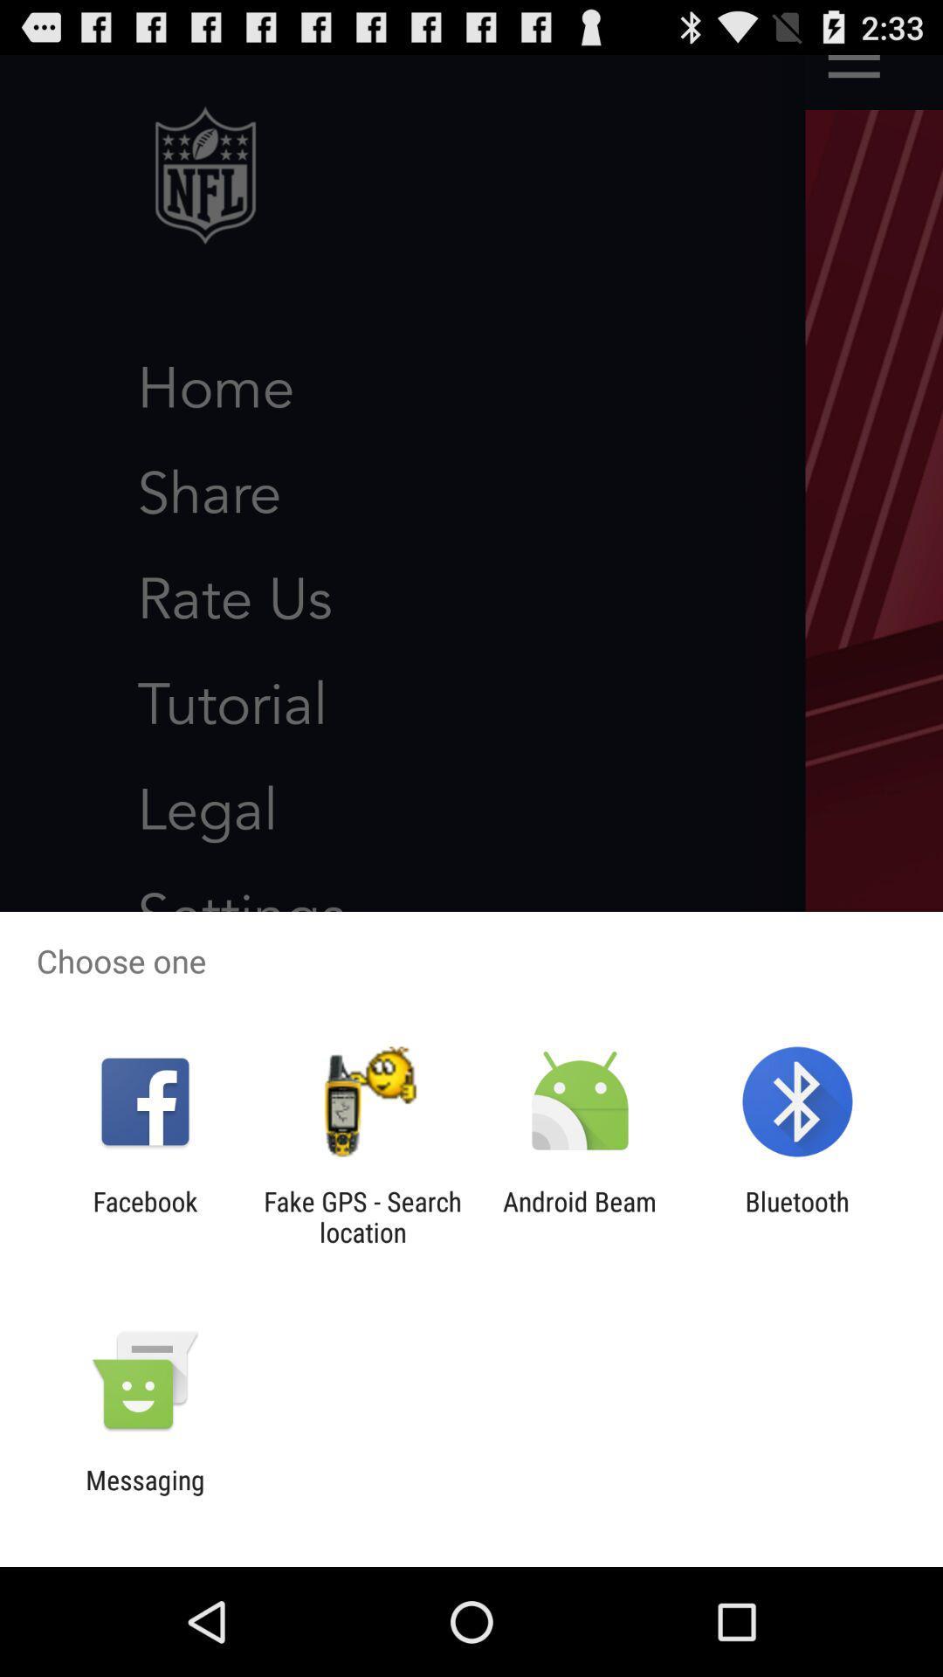 The image size is (943, 1677). I want to click on messaging, so click(144, 1494).